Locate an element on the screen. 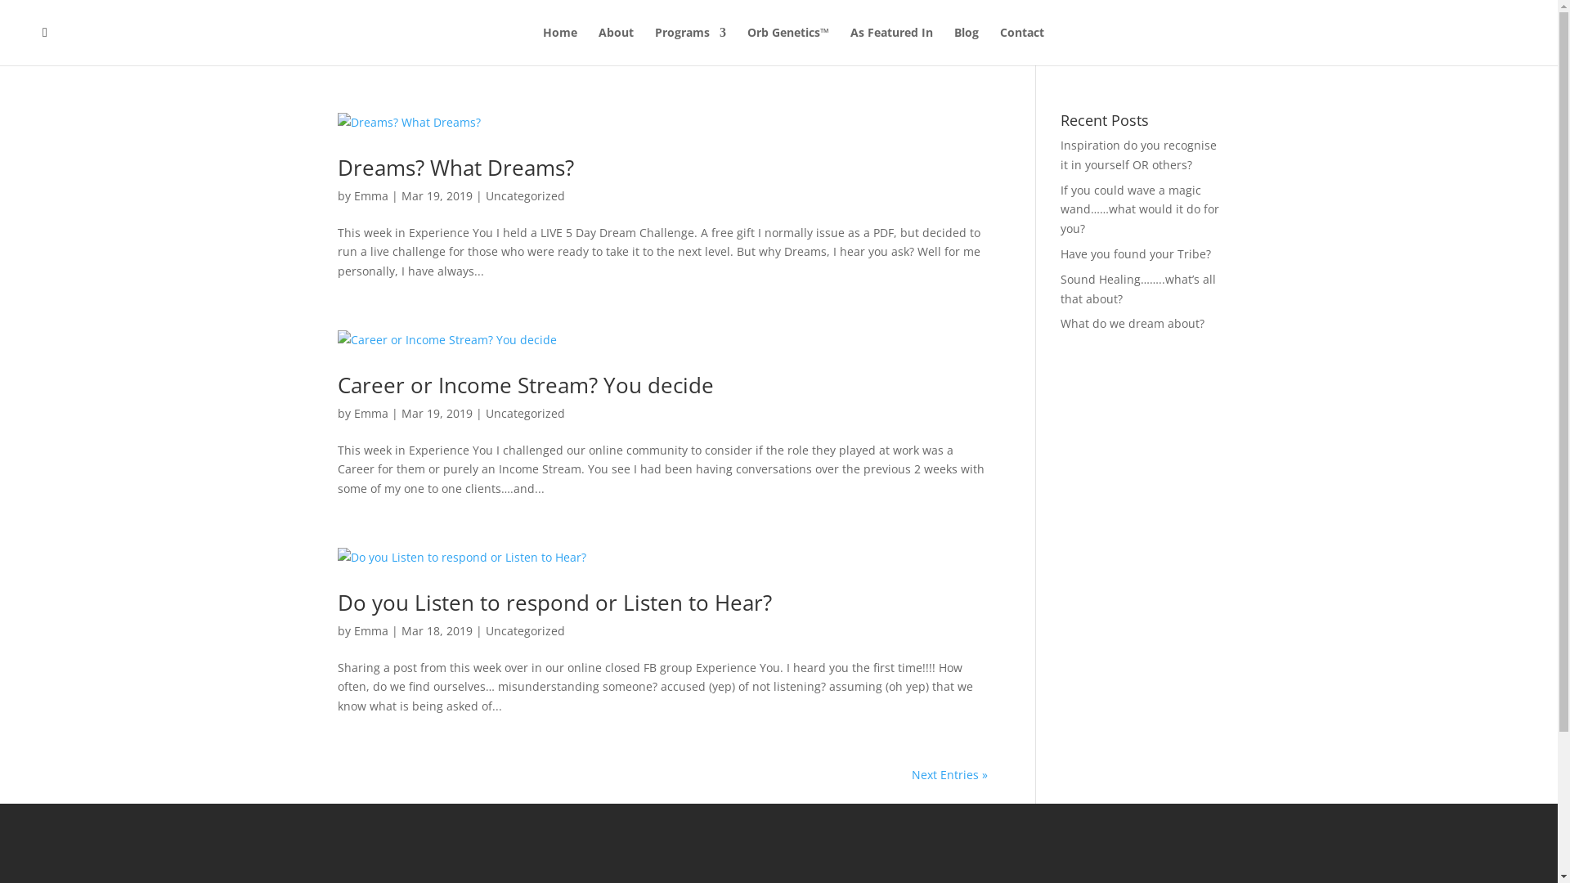 Image resolution: width=1570 pixels, height=883 pixels. 'Emma' is located at coordinates (369, 195).